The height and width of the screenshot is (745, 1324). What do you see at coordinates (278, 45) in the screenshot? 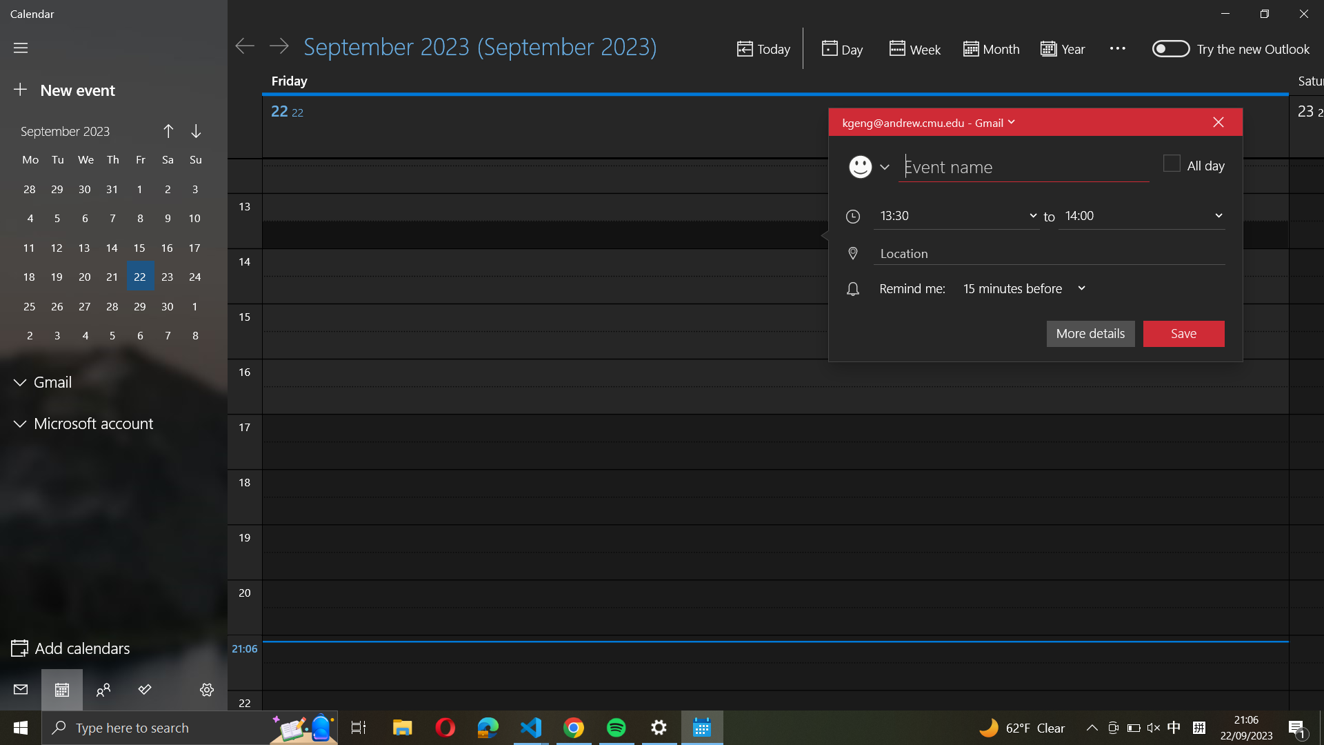
I see `Move to the upcoming day in the calendar` at bounding box center [278, 45].